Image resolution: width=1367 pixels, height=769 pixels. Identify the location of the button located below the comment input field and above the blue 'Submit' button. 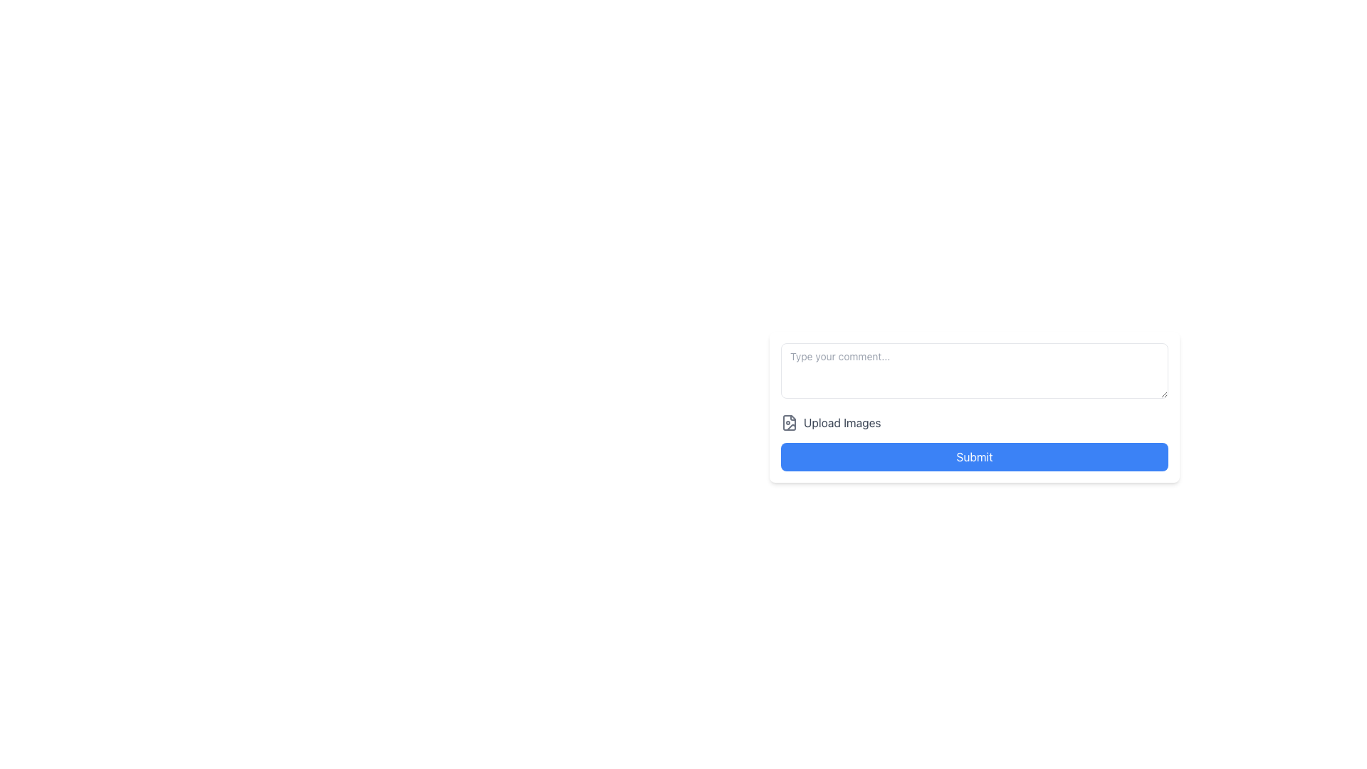
(973, 422).